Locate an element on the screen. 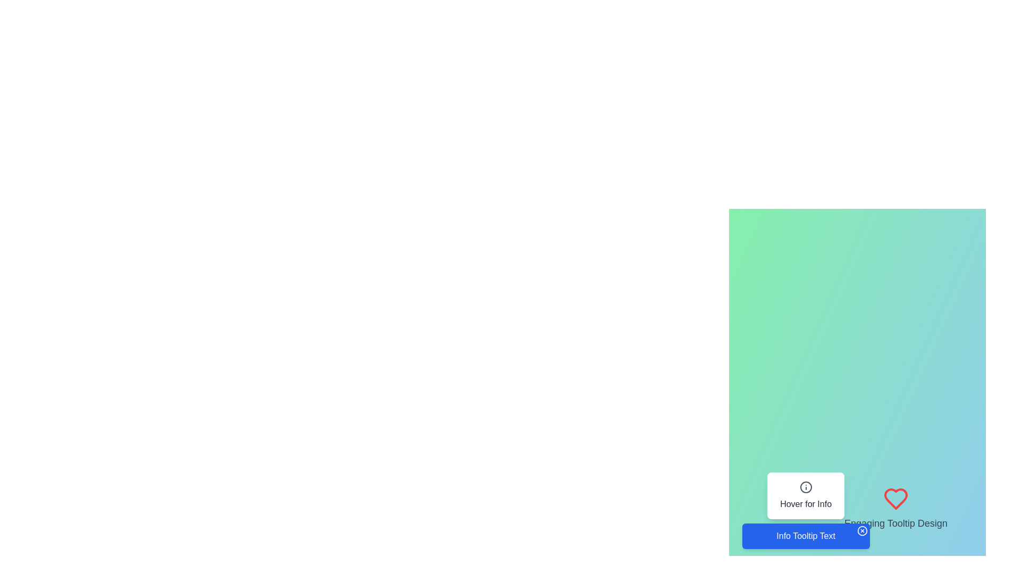  the close button located at the top-right corner of the tooltip box is located at coordinates (862, 531).